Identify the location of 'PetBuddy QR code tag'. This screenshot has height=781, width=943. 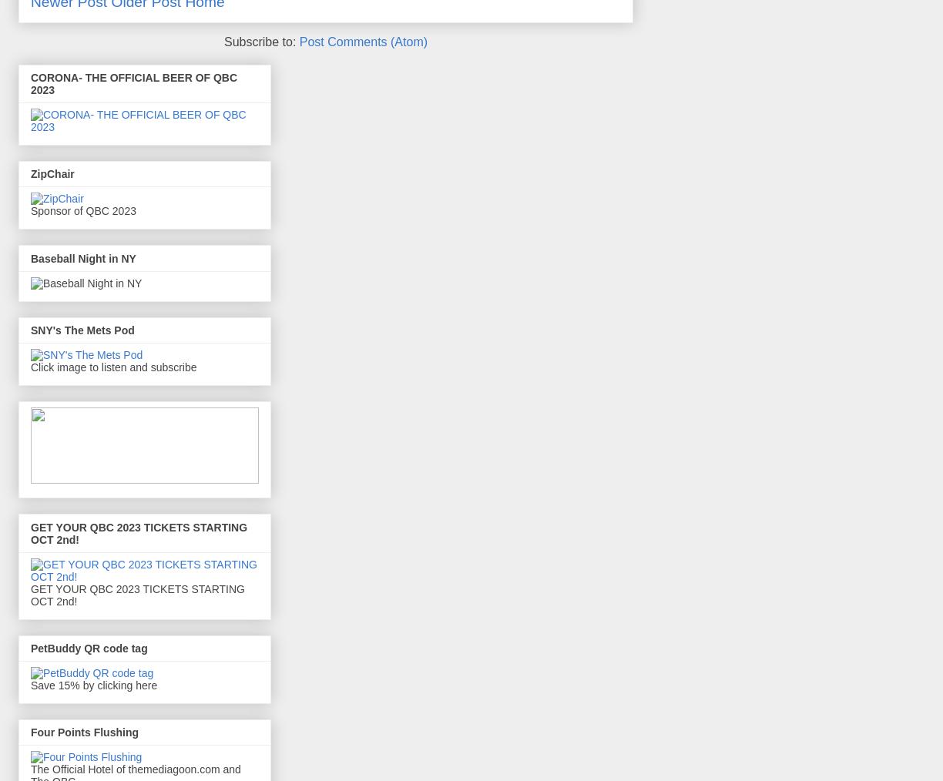
(88, 648).